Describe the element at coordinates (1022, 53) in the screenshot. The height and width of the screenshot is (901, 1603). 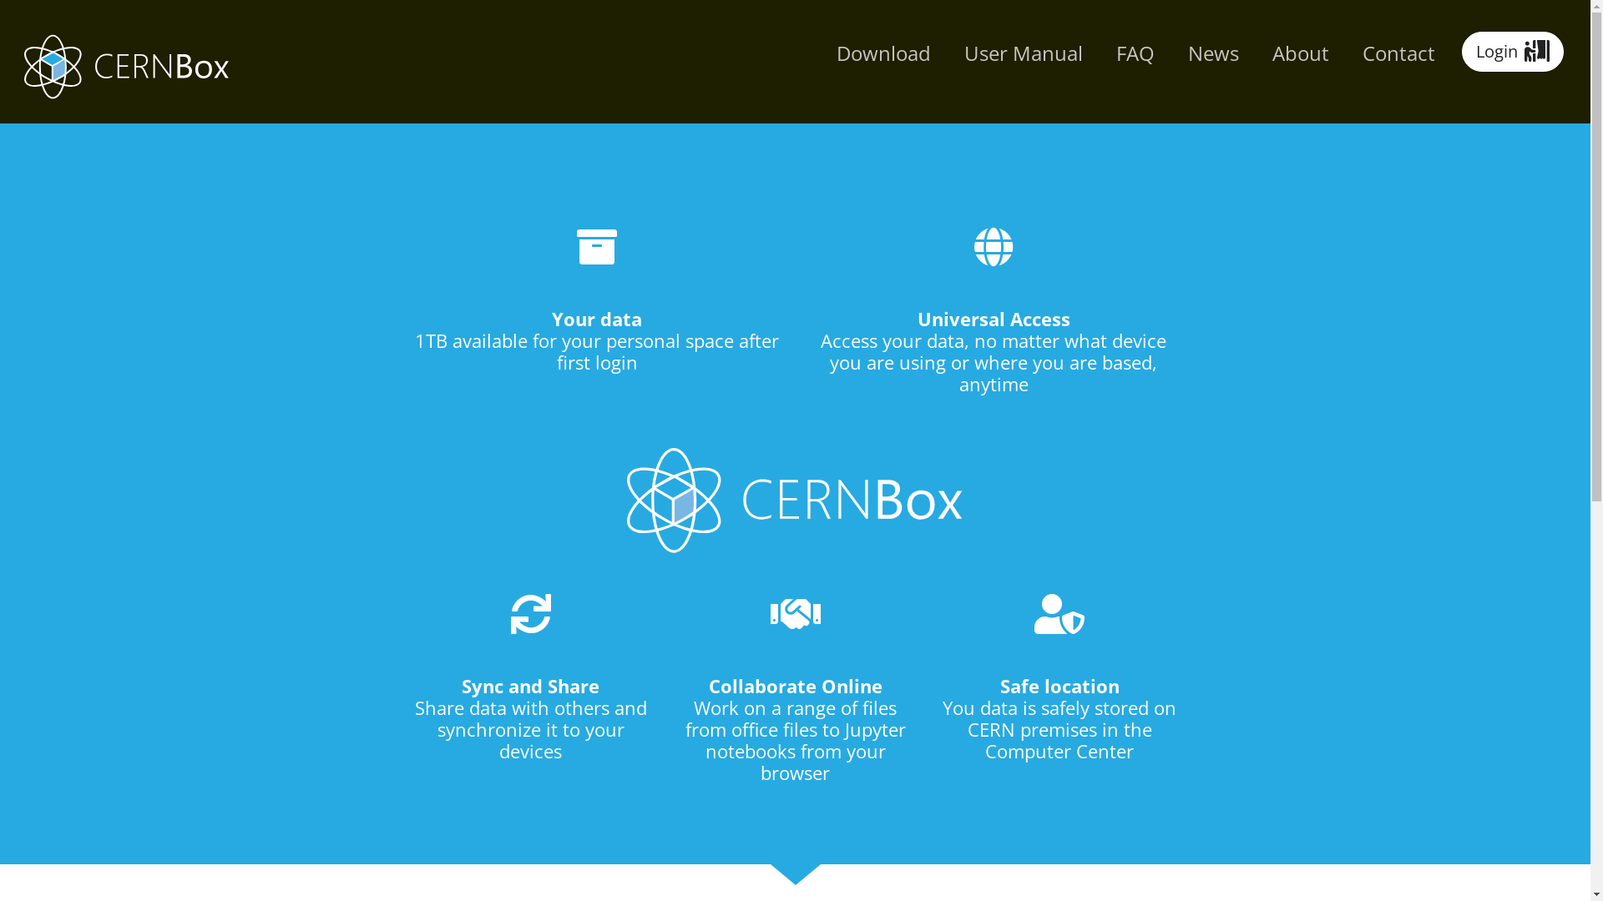
I see `'User Manual'` at that location.